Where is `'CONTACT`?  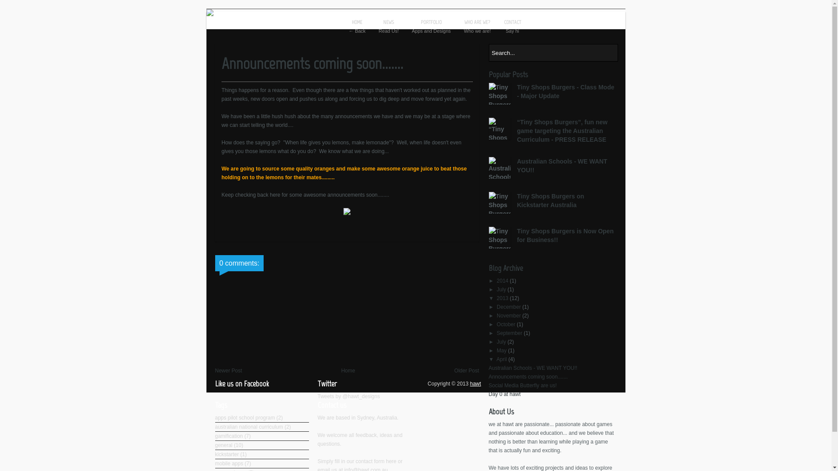
'CONTACT is located at coordinates (512, 26).